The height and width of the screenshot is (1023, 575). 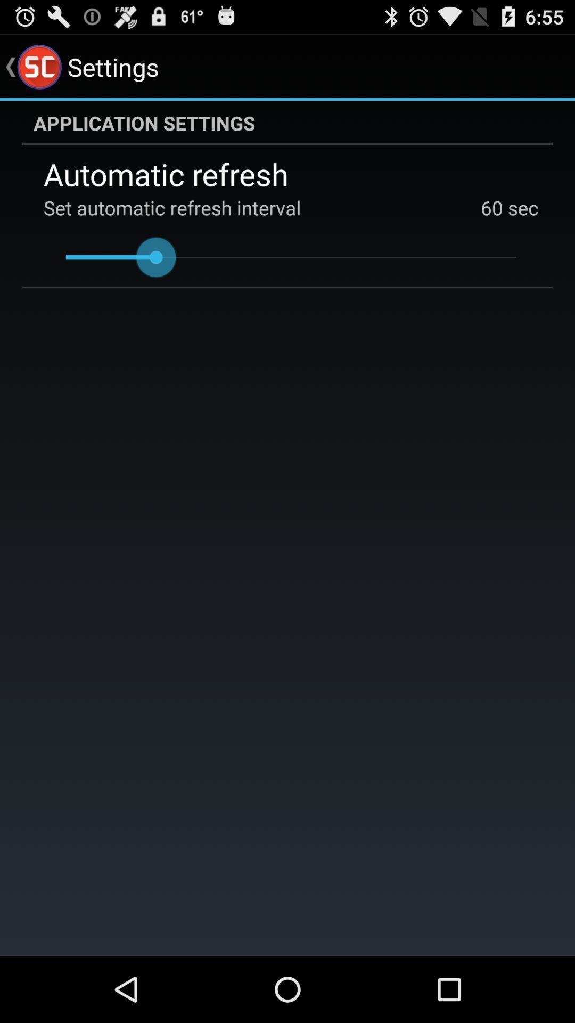 What do you see at coordinates (492, 207) in the screenshot?
I see `the item below automatic refresh item` at bounding box center [492, 207].